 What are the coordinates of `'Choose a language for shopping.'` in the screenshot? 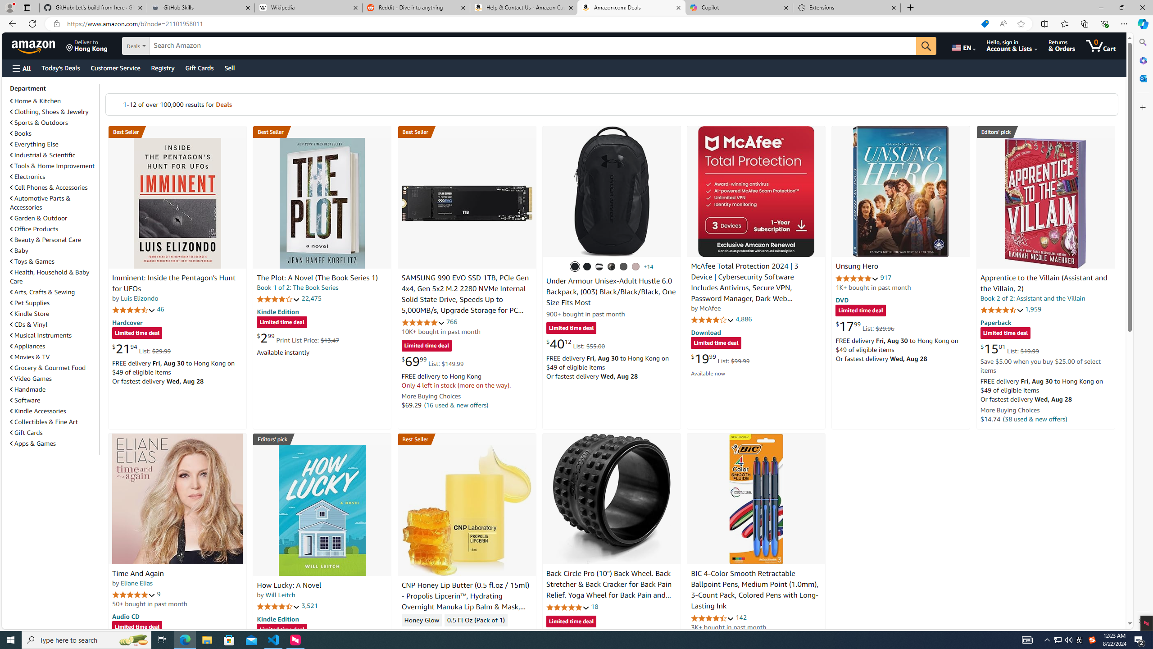 It's located at (962, 45).